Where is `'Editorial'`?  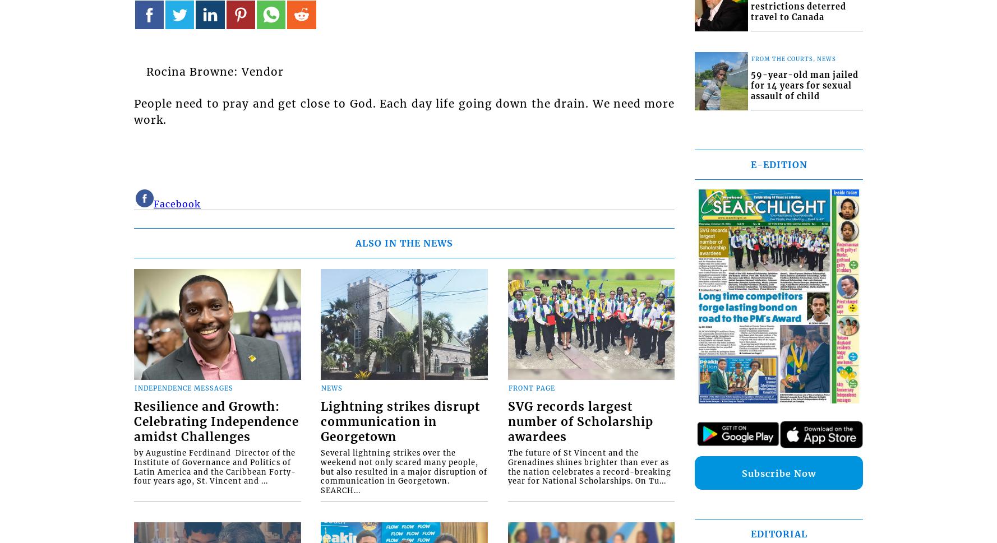
'Editorial' is located at coordinates (778, 533).